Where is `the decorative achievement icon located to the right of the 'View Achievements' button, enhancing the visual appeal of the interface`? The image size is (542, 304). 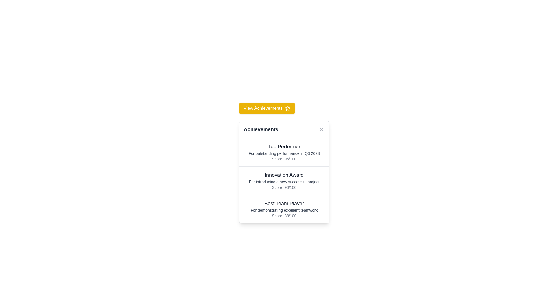 the decorative achievement icon located to the right of the 'View Achievements' button, enhancing the visual appeal of the interface is located at coordinates (288, 108).